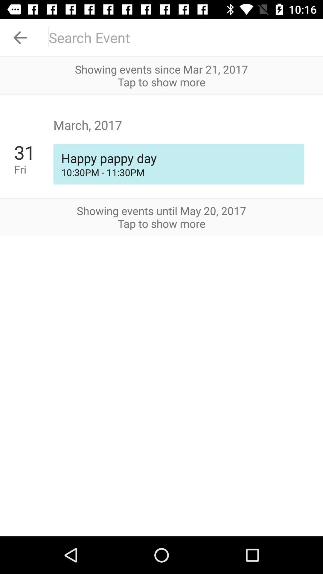 Image resolution: width=323 pixels, height=574 pixels. What do you see at coordinates (182, 37) in the screenshot?
I see `place cursor` at bounding box center [182, 37].